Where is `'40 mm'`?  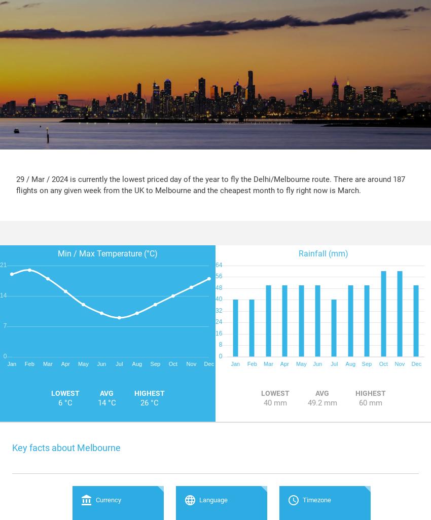
'40 mm' is located at coordinates (263, 402).